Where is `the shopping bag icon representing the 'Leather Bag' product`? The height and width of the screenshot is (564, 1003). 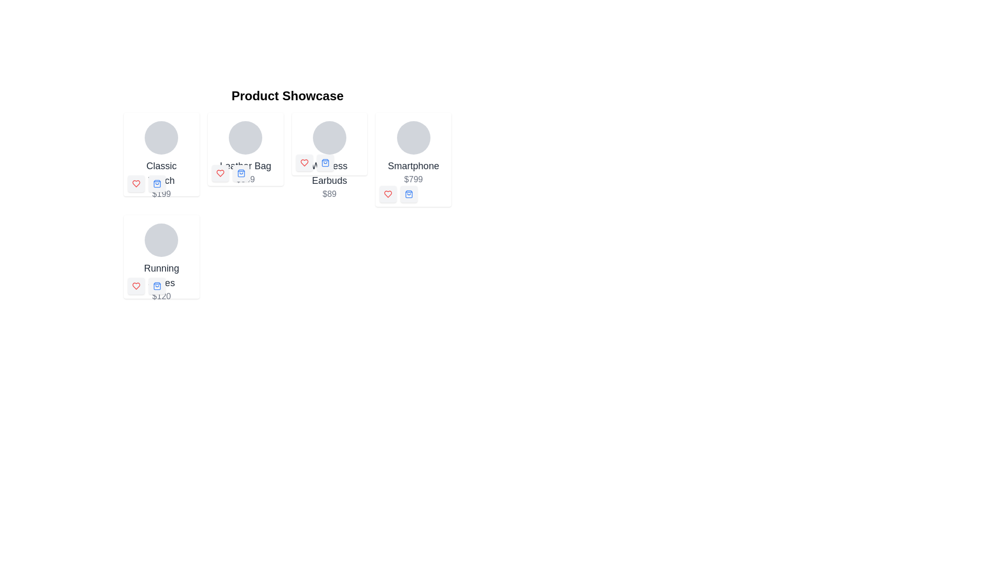
the shopping bag icon representing the 'Leather Bag' product is located at coordinates (240, 172).